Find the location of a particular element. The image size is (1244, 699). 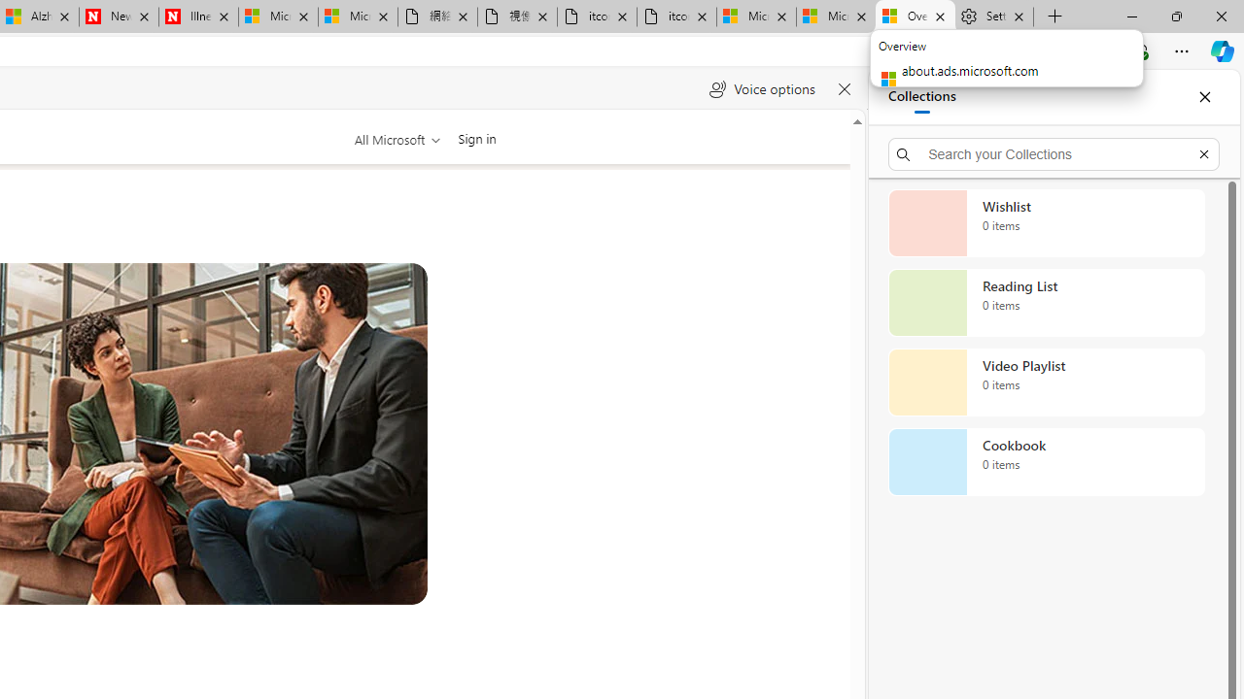

'Exit search' is located at coordinates (1203, 153).